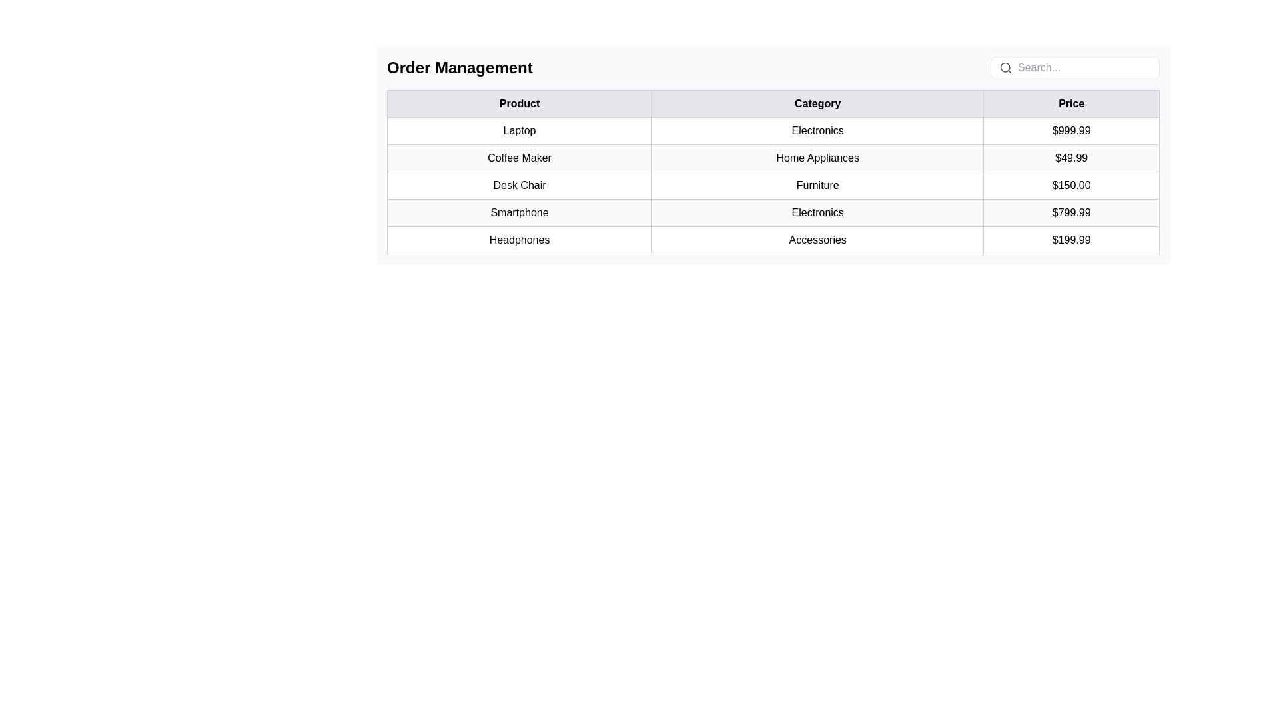 The width and height of the screenshot is (1279, 719). Describe the element at coordinates (519, 185) in the screenshot. I see `the Text Label in the 'Product' column that identifies the item in the third row, aligned with 'Furniture' in the 'Category' column and '$150.00' in the 'Price' column` at that location.